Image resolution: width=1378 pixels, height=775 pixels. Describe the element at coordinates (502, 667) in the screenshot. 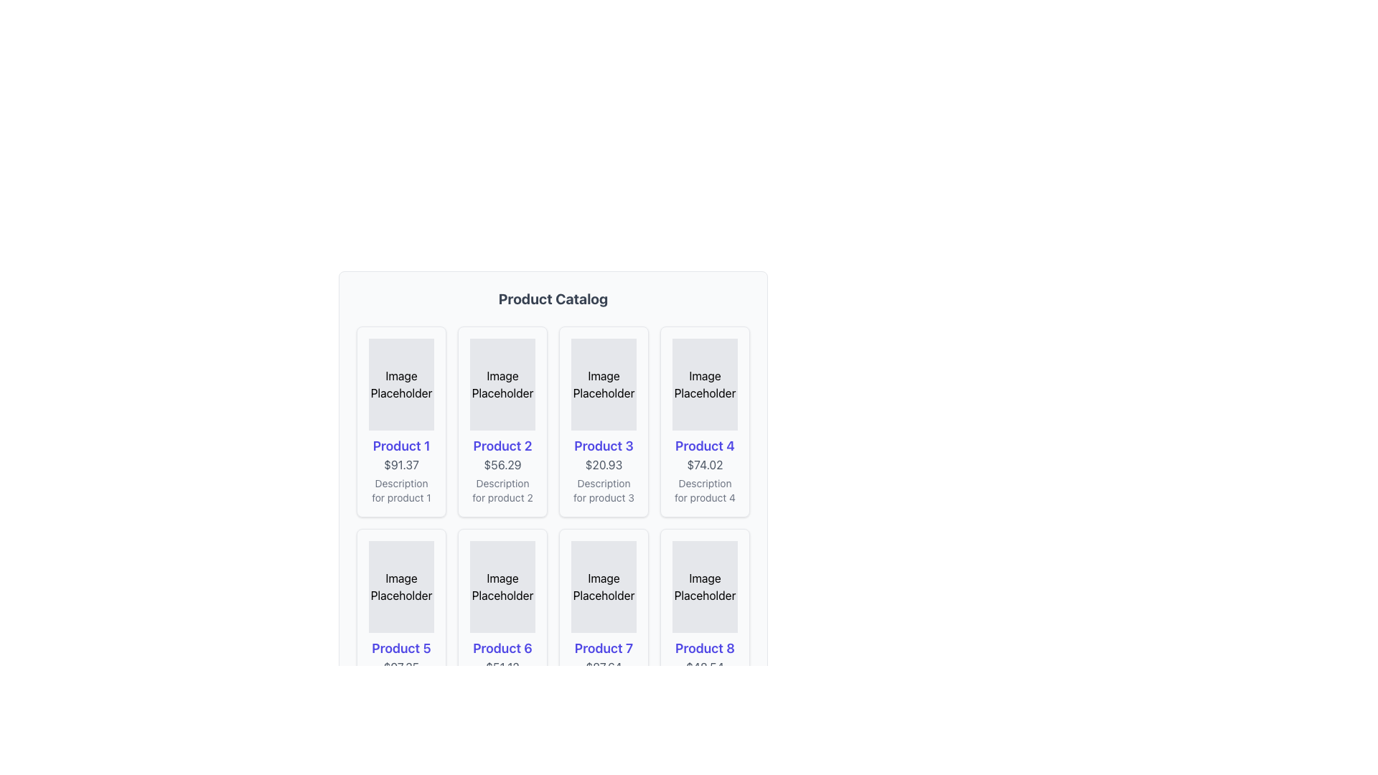

I see `the text label displaying the price value '$51.12' located beneath the title 'Product 6' in the product card` at that location.